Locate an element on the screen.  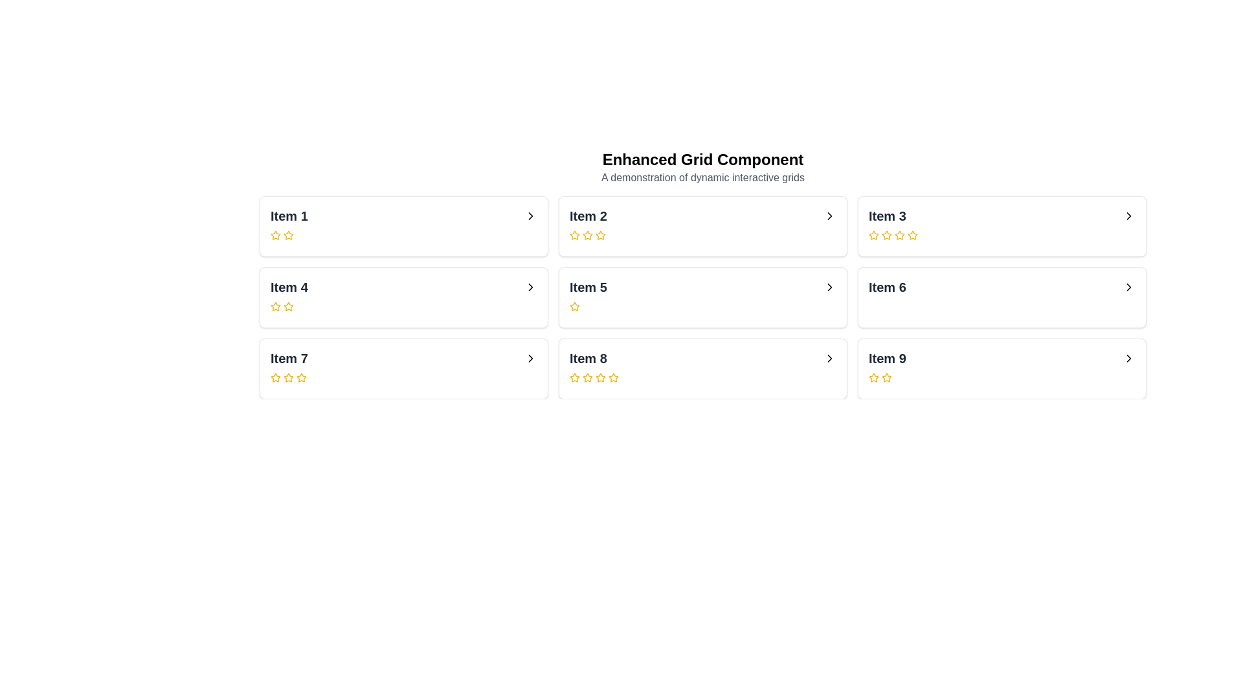
the second star icon is located at coordinates (912, 235).